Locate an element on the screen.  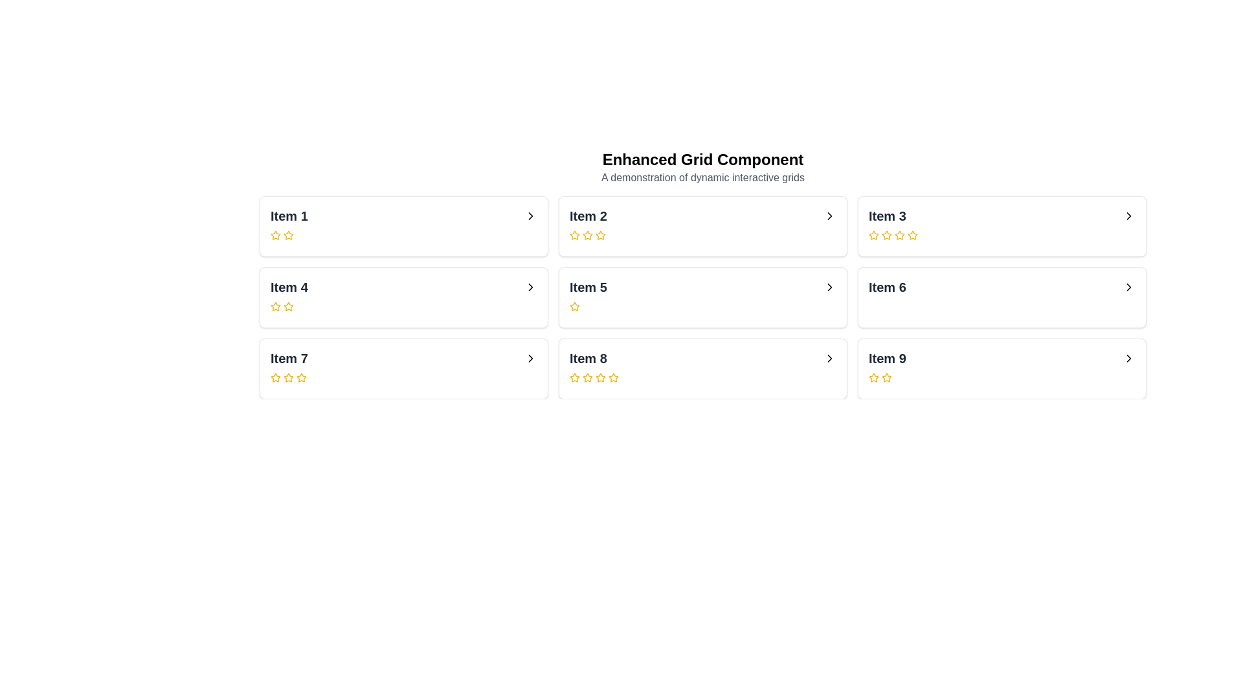
the second star icon is located at coordinates (912, 235).